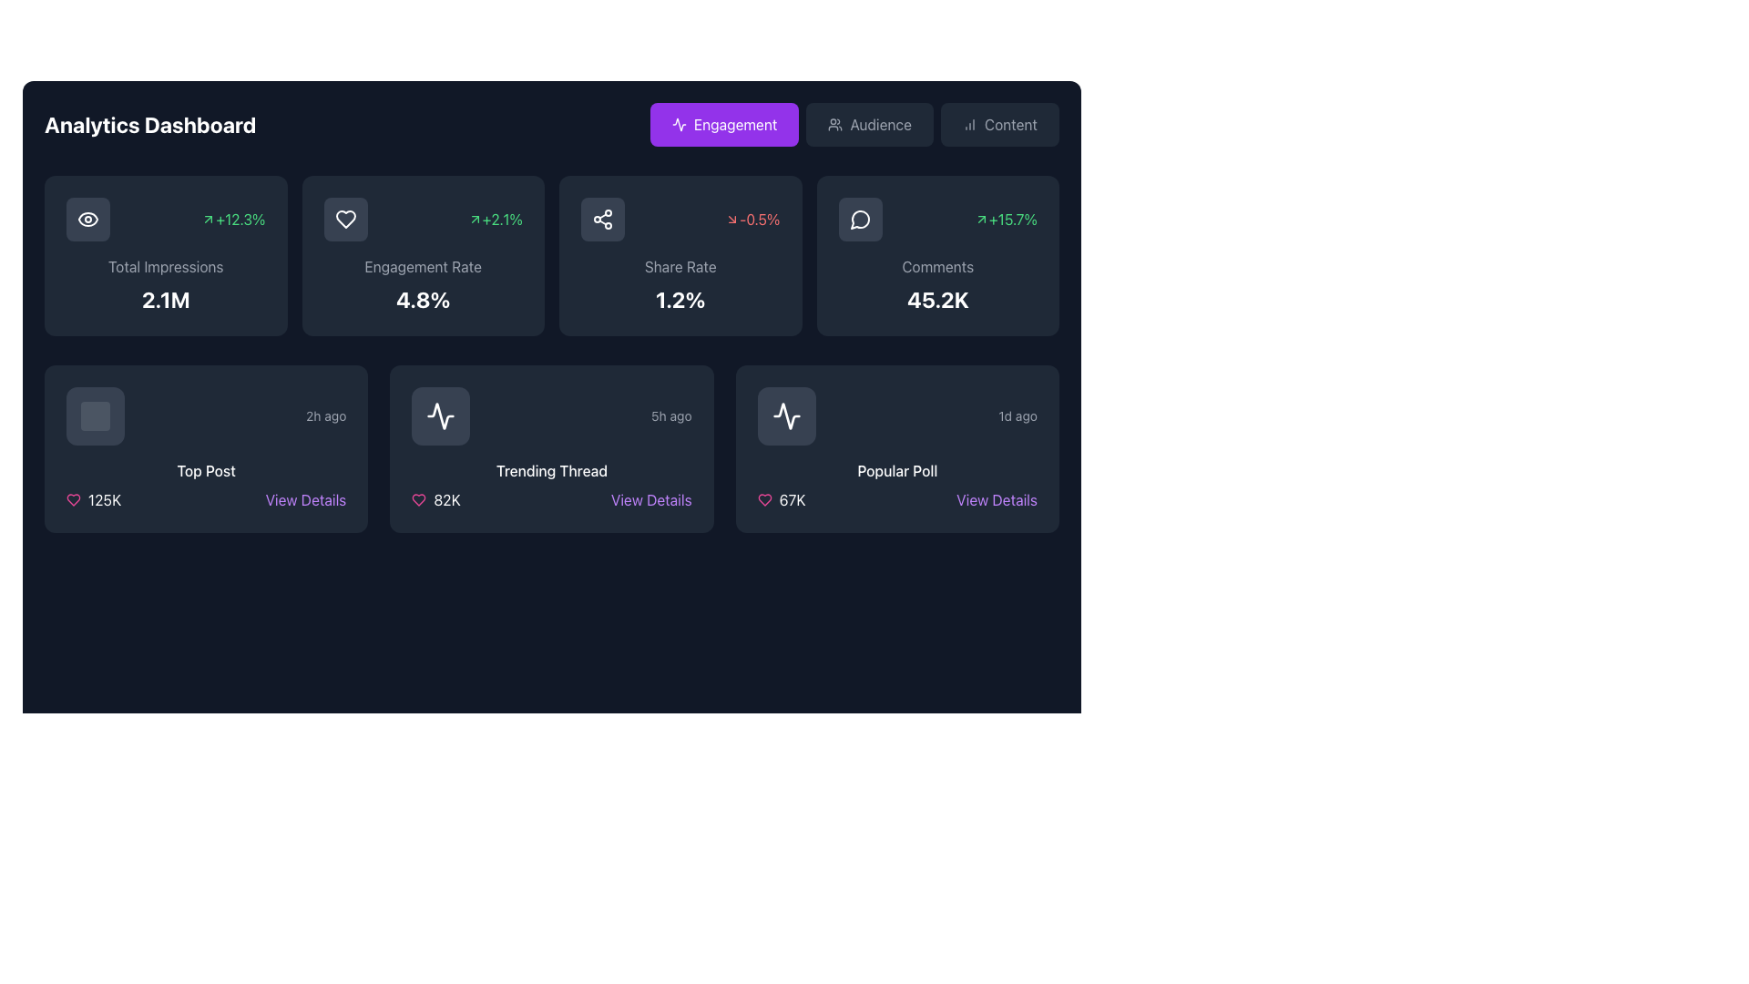 The width and height of the screenshot is (1749, 984). I want to click on the Icon Button representing an activity or polling-related feature located at the bottom-right section of the Analytics Dashboard, within the 'Popular Poll' card, so click(786, 415).